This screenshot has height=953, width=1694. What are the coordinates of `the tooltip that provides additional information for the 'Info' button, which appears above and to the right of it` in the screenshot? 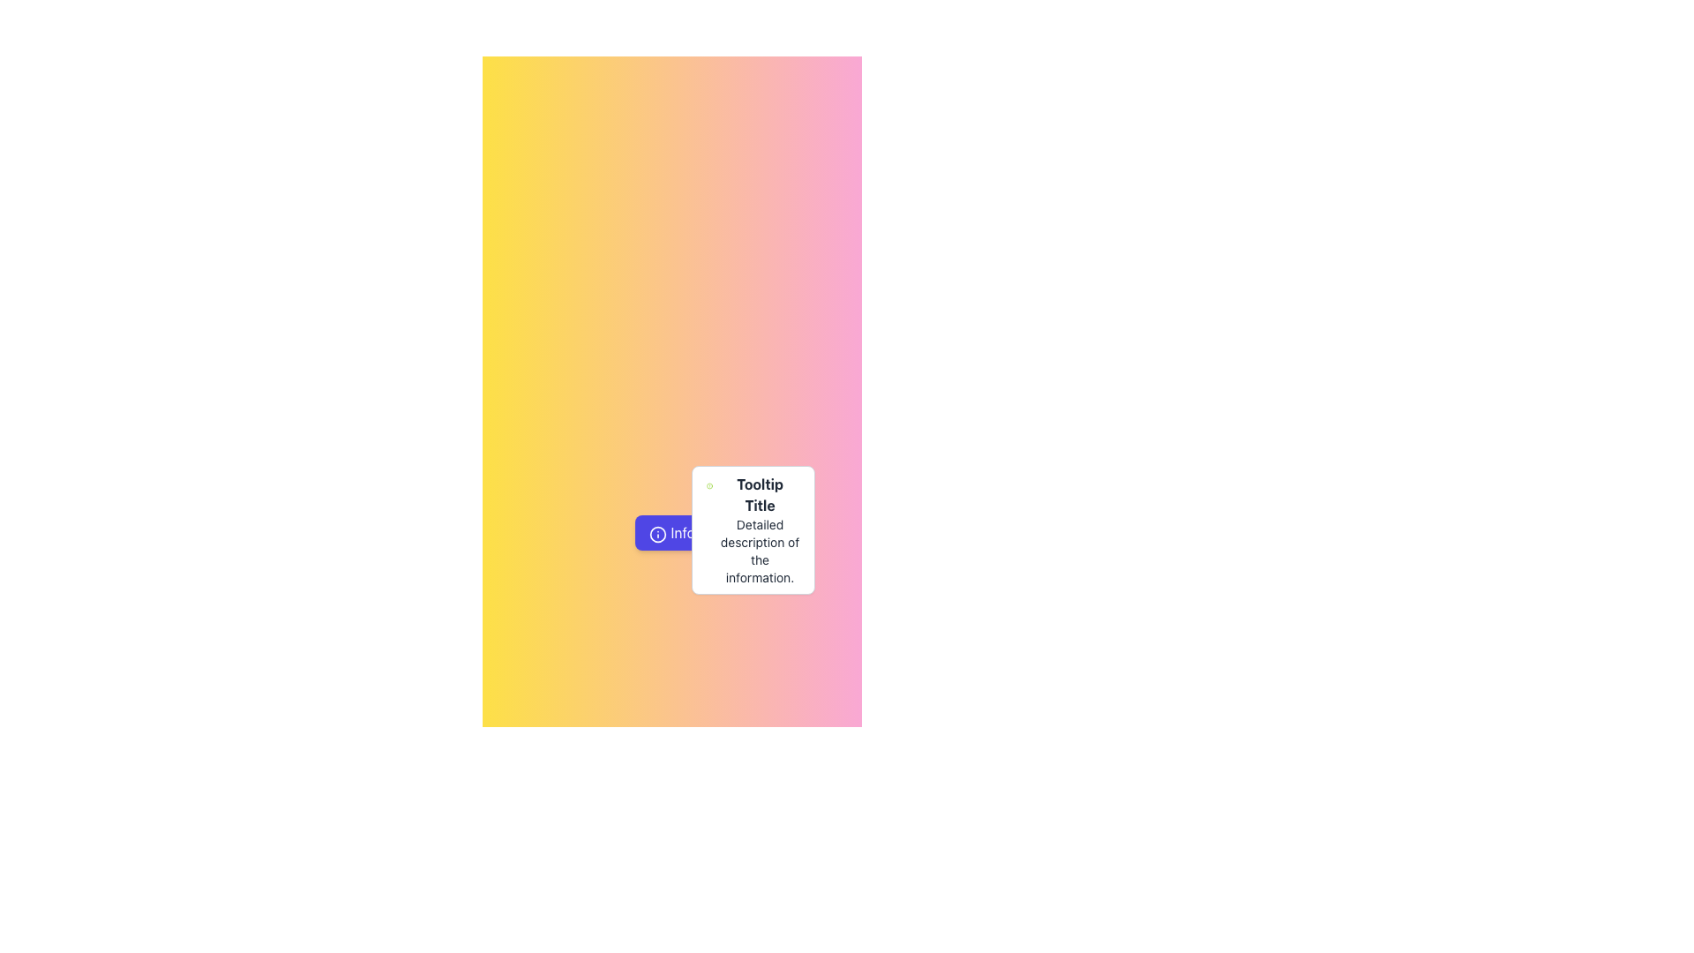 It's located at (753, 529).